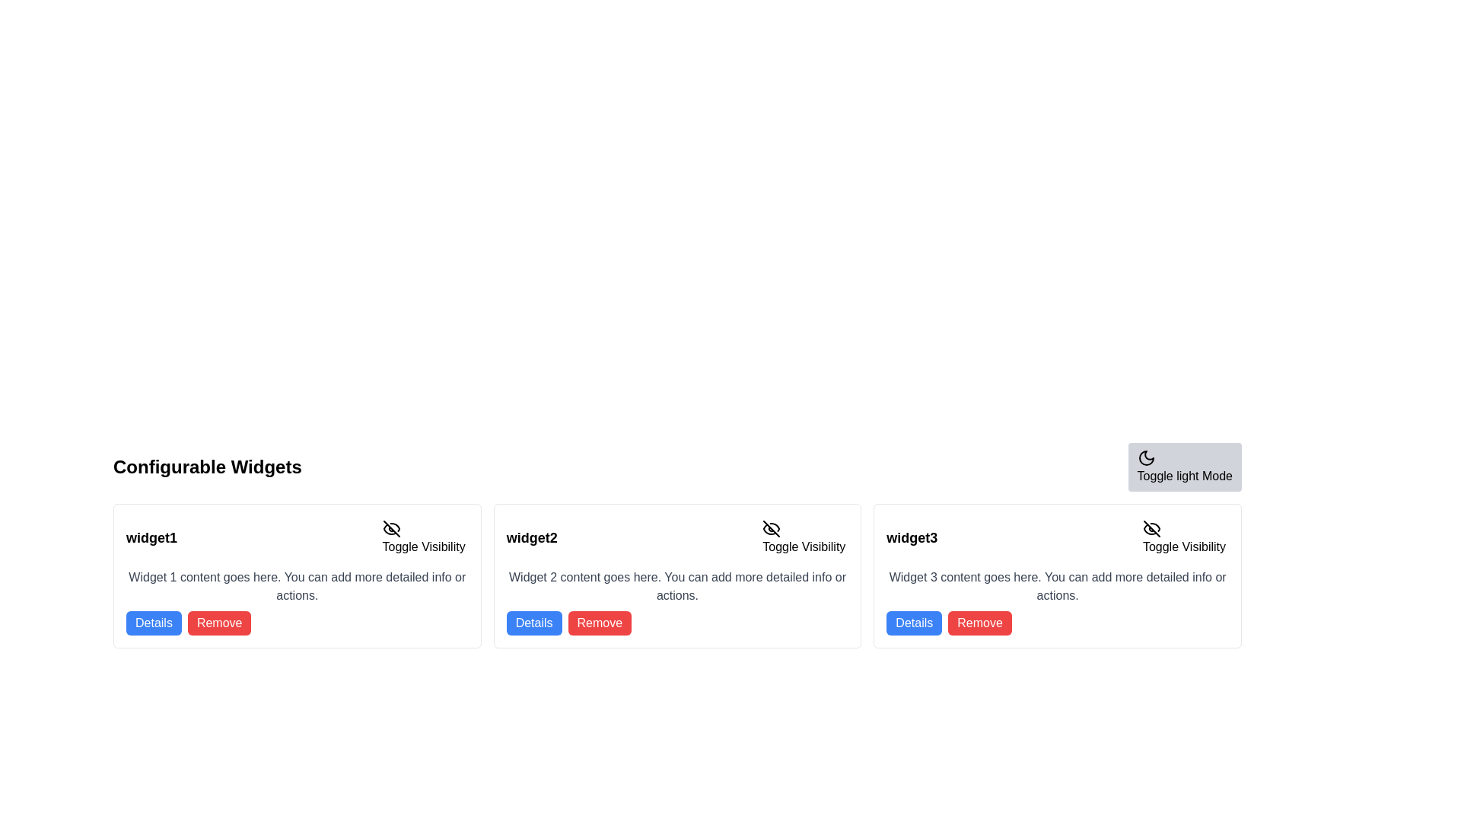 The width and height of the screenshot is (1461, 822). Describe the element at coordinates (913, 623) in the screenshot. I see `the 'Details' button located at the bottom of the 'widget3' card` at that location.